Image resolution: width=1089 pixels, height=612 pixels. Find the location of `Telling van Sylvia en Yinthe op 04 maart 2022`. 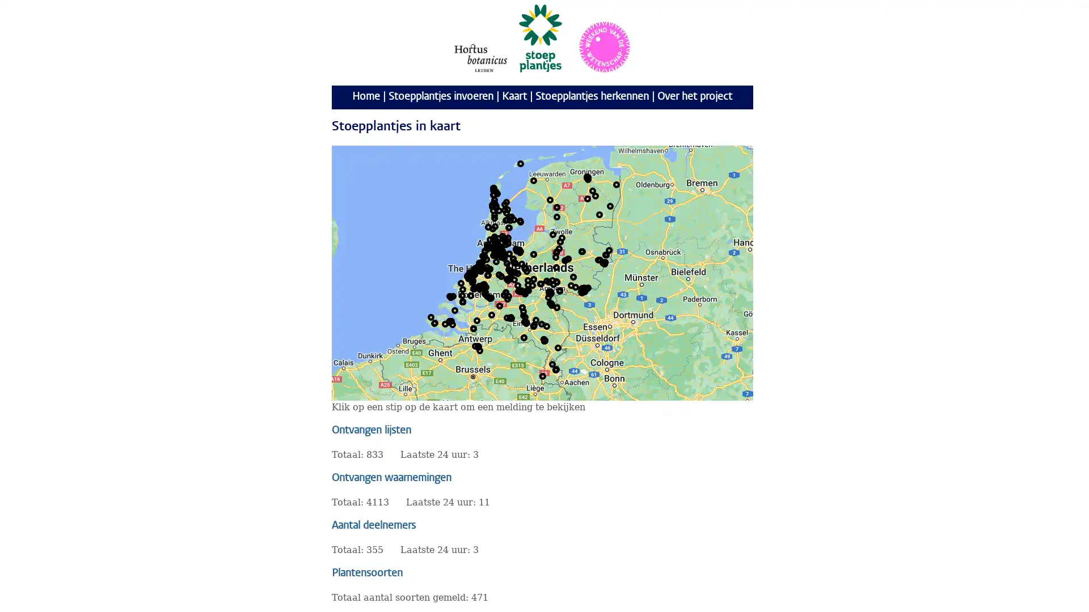

Telling van Sylvia en Yinthe op 04 maart 2022 is located at coordinates (499, 305).